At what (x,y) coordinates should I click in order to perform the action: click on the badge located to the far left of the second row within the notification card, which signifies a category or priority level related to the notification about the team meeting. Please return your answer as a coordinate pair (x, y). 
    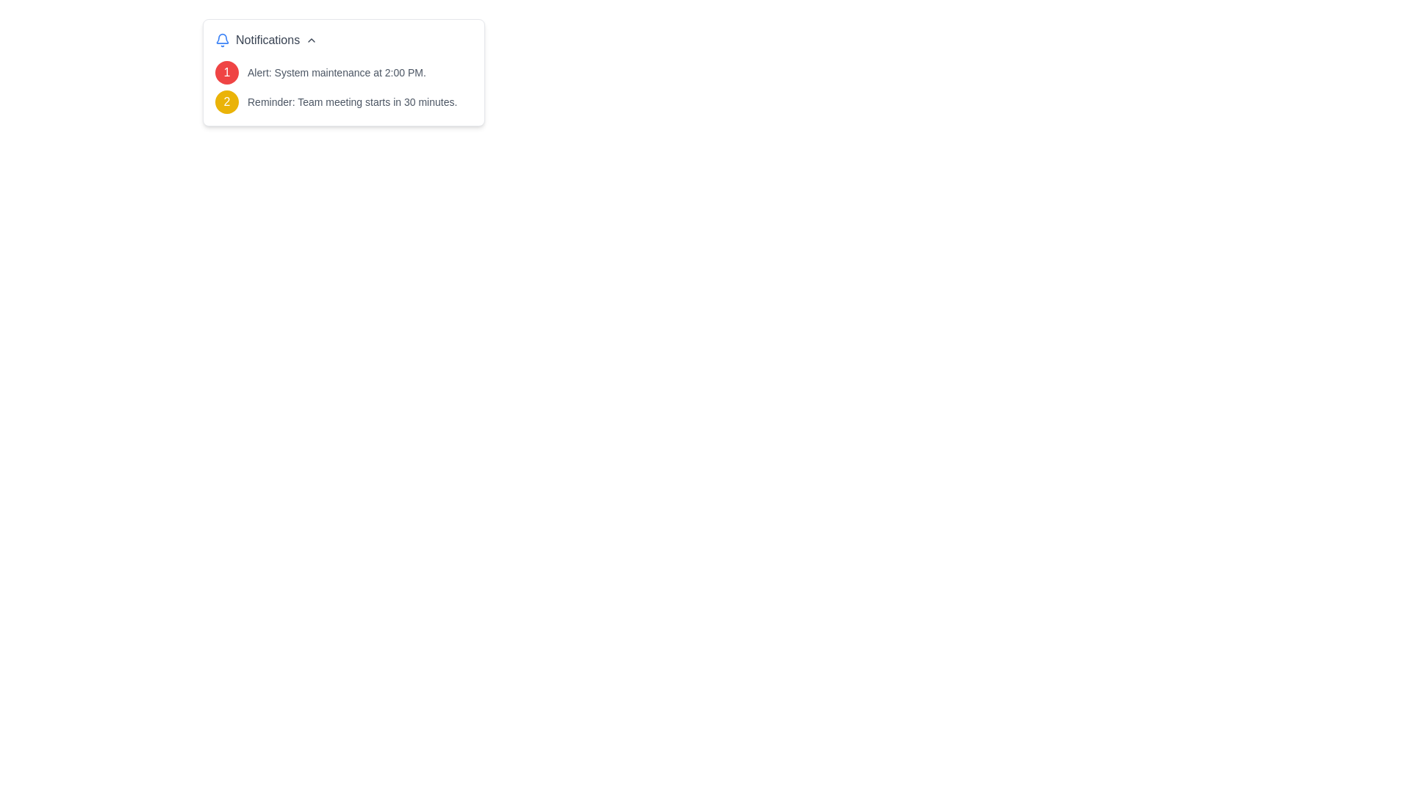
    Looking at the image, I should click on (226, 101).